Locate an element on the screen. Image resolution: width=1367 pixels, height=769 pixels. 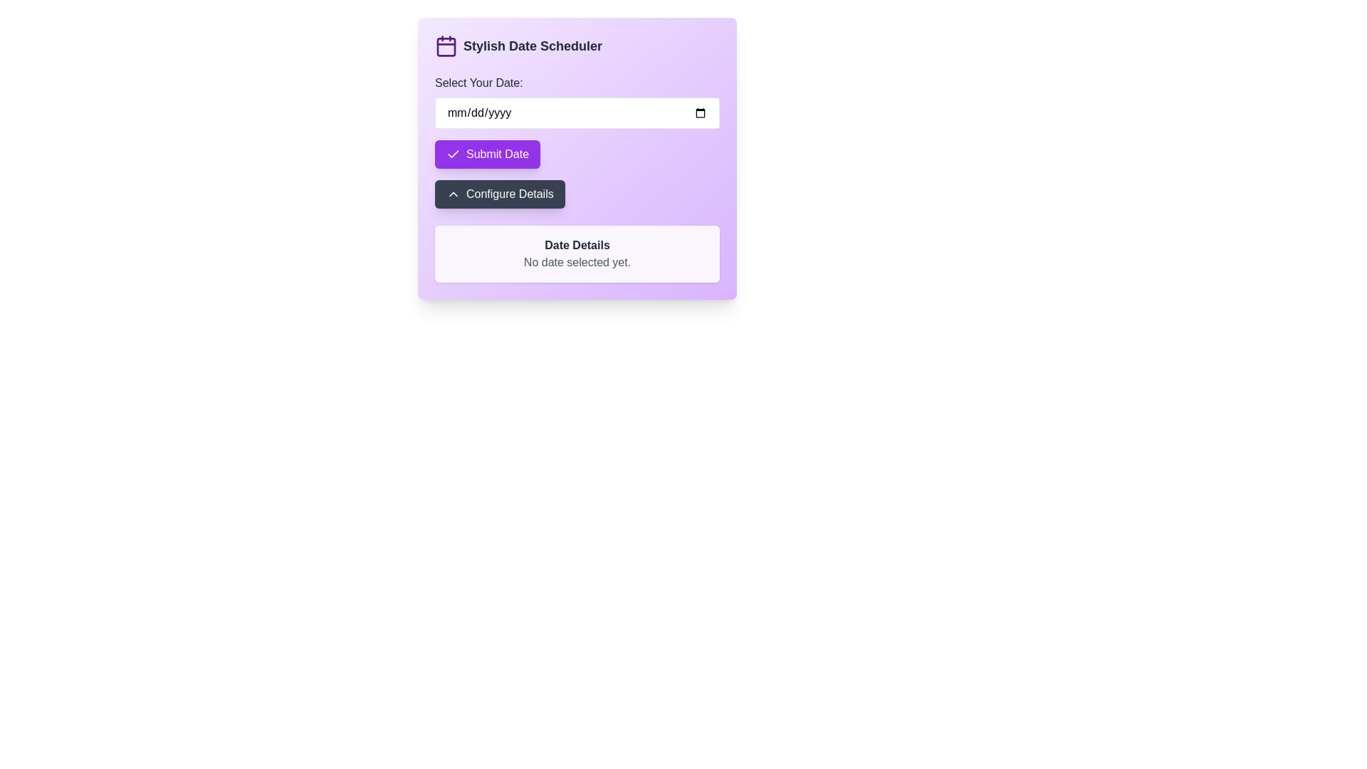
the Information display box that shows details about a selected date, currently indicating that no date has been selected is located at coordinates (577, 253).